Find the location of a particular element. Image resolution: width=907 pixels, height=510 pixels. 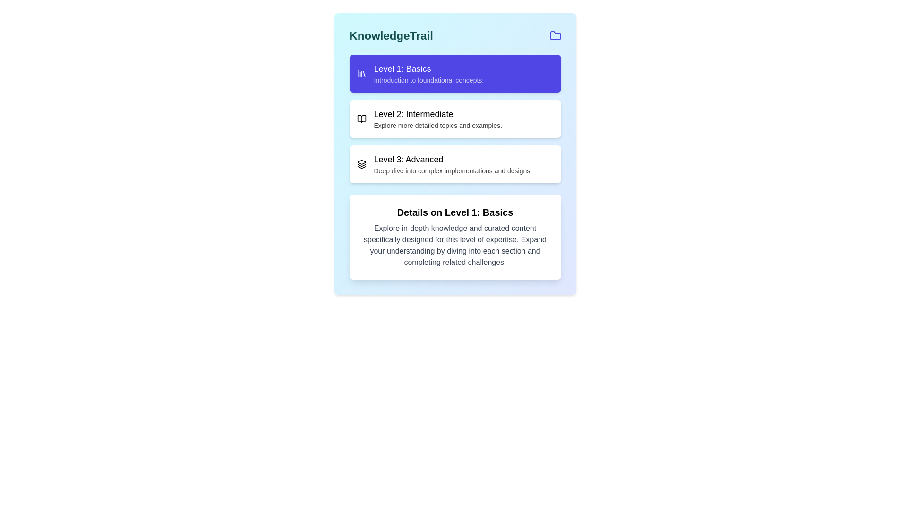

the text content element that displays 'Level 1: Basics' and 'Introduction to foundational concepts' is located at coordinates (428, 73).